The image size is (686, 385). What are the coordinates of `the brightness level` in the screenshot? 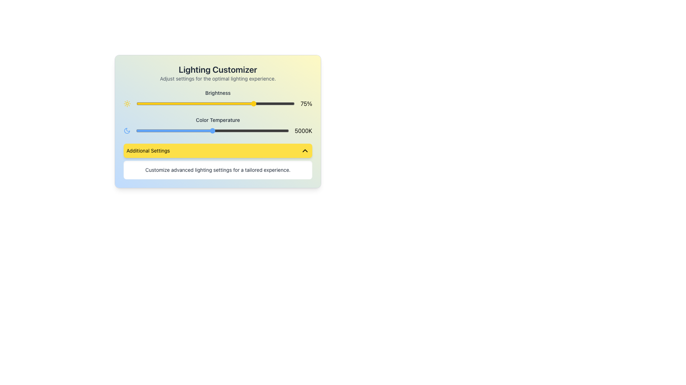 It's located at (277, 103).